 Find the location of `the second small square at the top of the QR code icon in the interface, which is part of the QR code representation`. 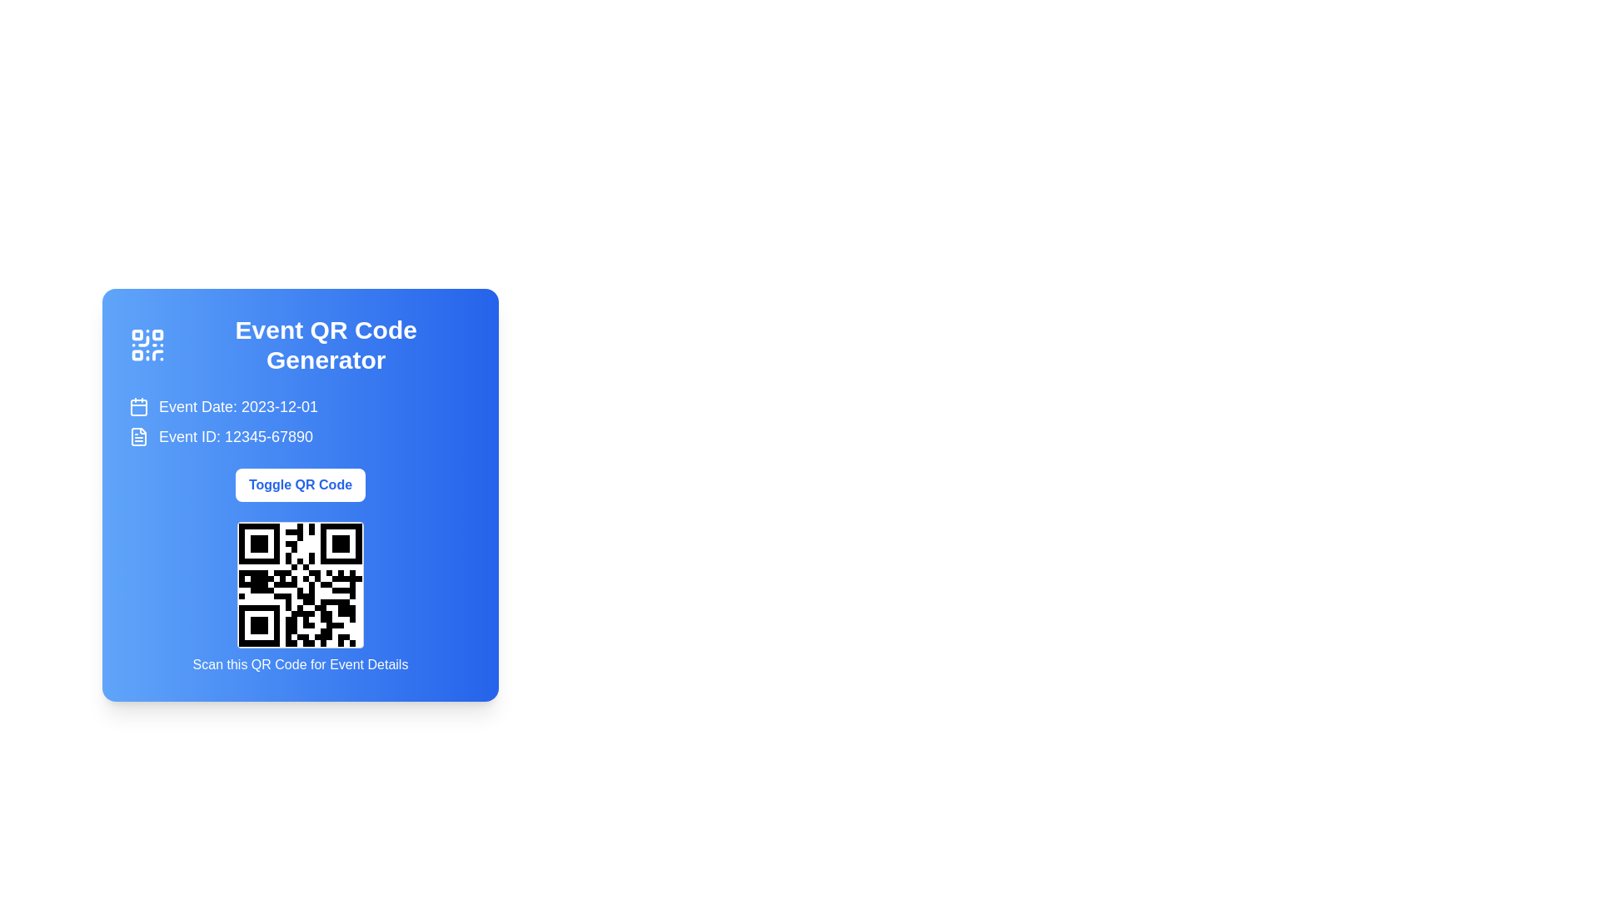

the second small square at the top of the QR code icon in the interface, which is part of the QR code representation is located at coordinates (158, 335).